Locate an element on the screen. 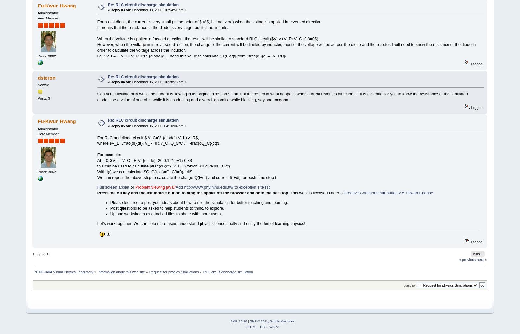 The width and height of the screenshot is (520, 334). 'where $V_L=Lfrac{dI}{dt}, V_R=IR,V_C=Q_C/C , I=-frac{dQ_C}{dt}$' is located at coordinates (158, 143).